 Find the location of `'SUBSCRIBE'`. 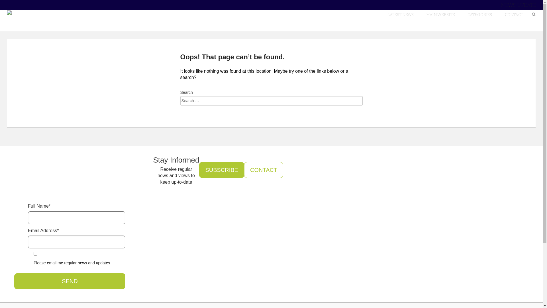

'SUBSCRIBE' is located at coordinates (221, 170).